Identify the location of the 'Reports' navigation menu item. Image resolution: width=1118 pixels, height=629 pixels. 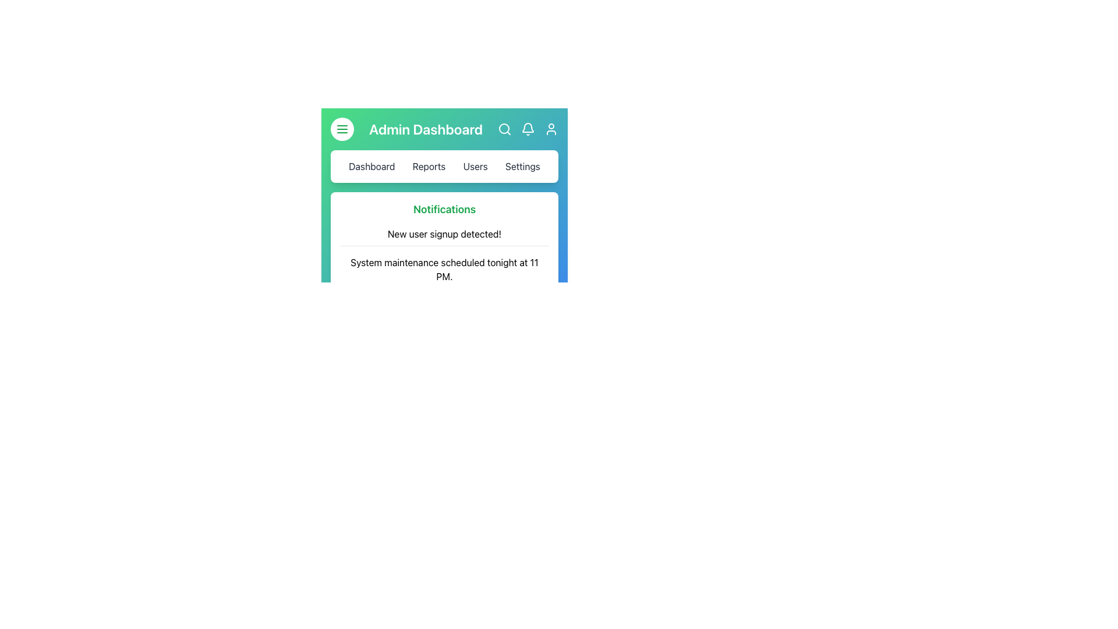
(428, 166).